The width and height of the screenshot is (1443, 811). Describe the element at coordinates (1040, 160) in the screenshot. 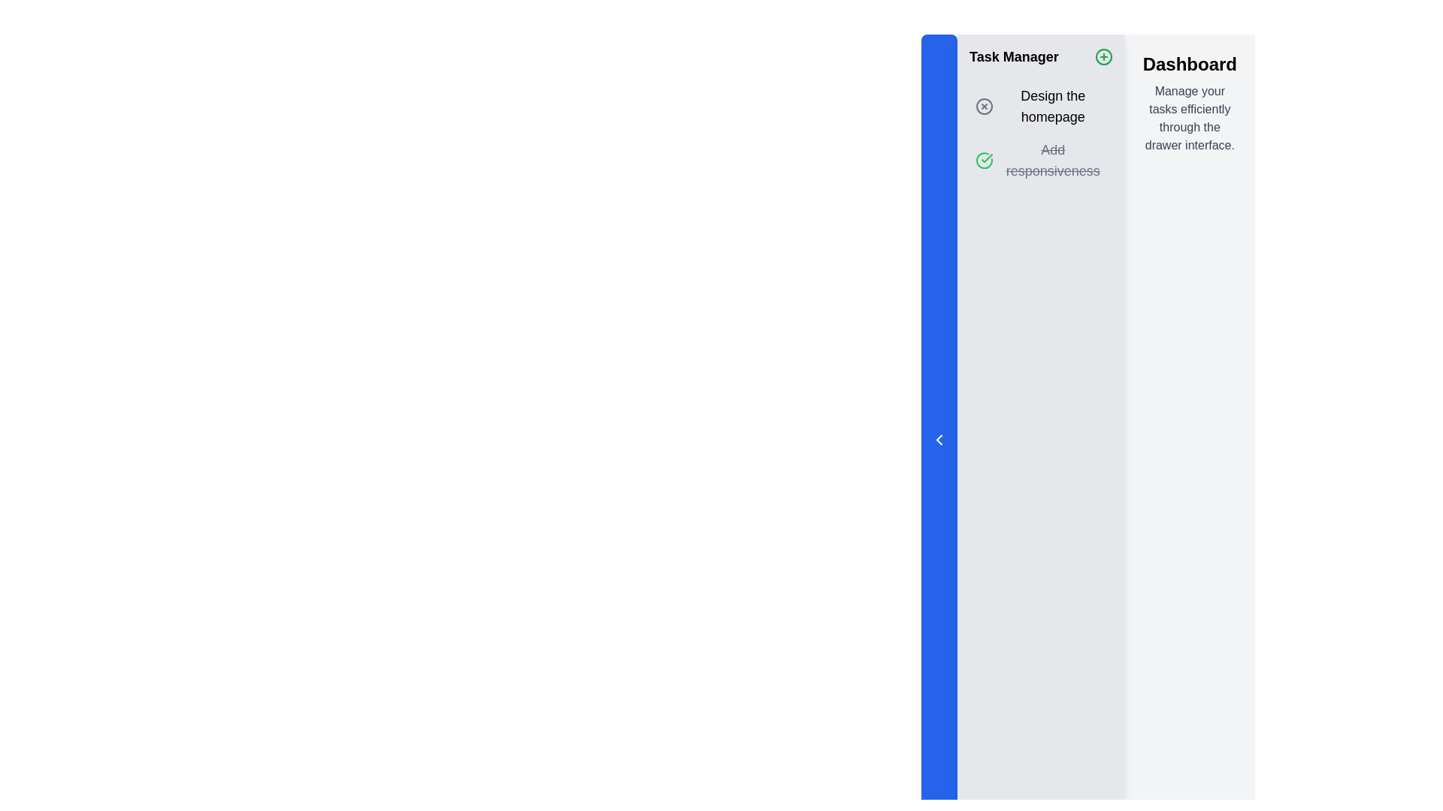

I see `the 'Add responsiveness' task entry in the Task Manager` at that location.